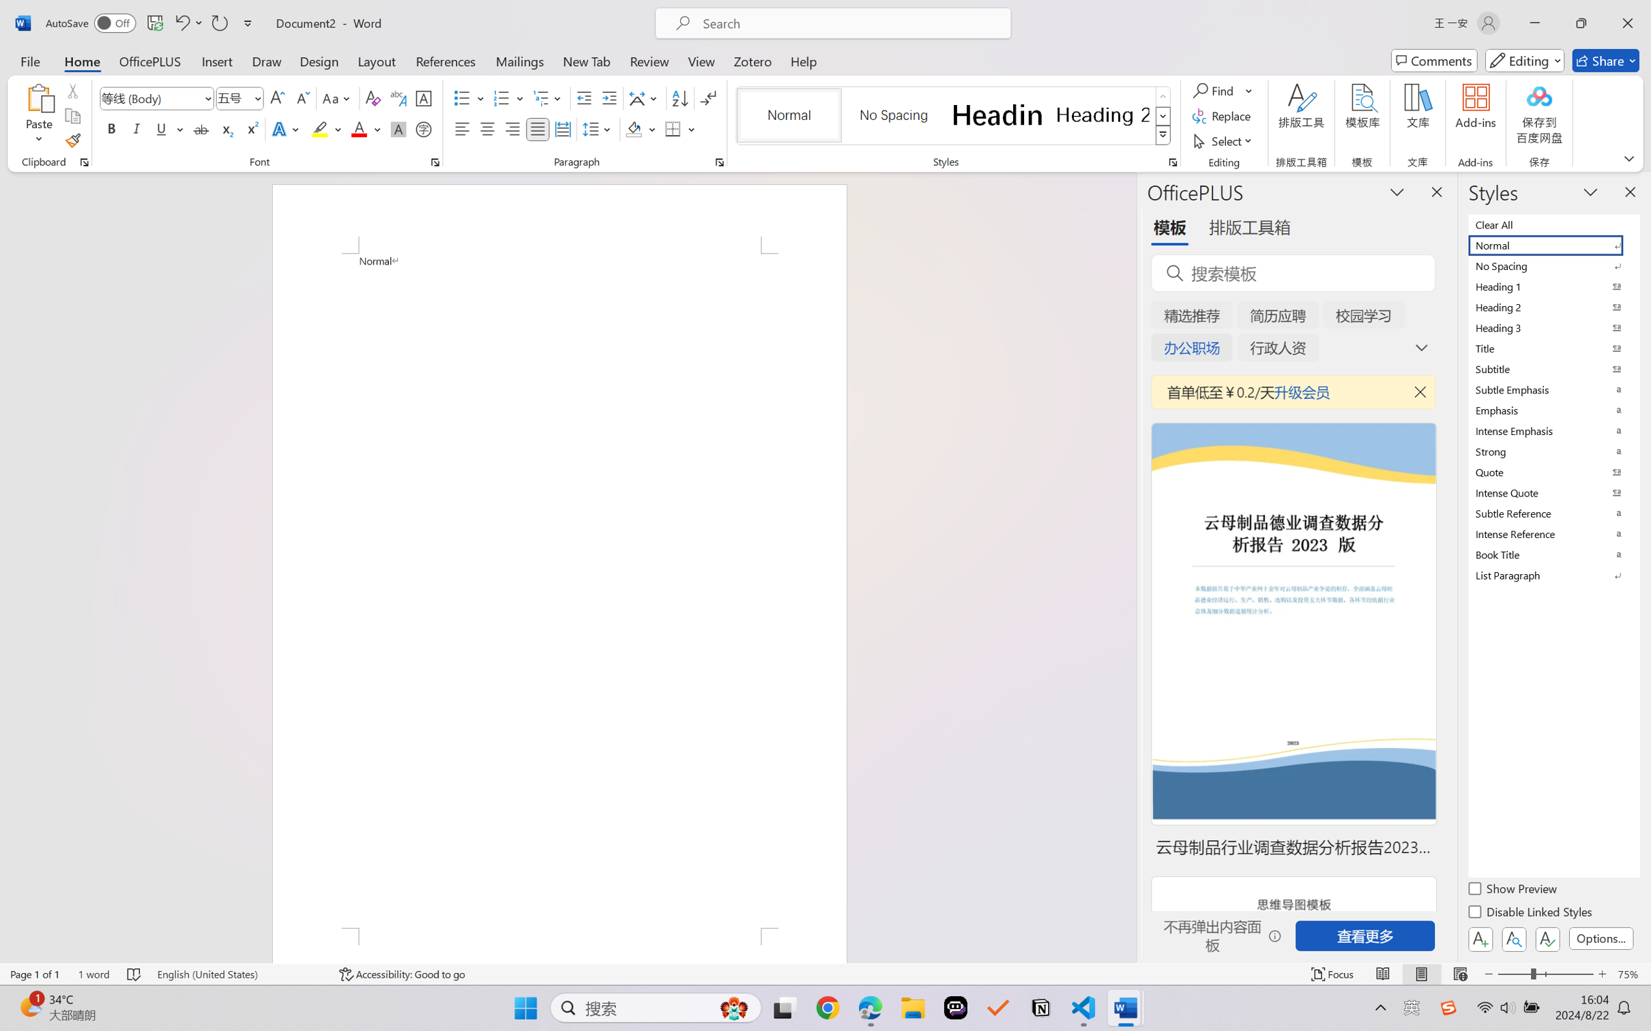 The image size is (1651, 1031). Describe the element at coordinates (1605, 60) in the screenshot. I see `'Share'` at that location.